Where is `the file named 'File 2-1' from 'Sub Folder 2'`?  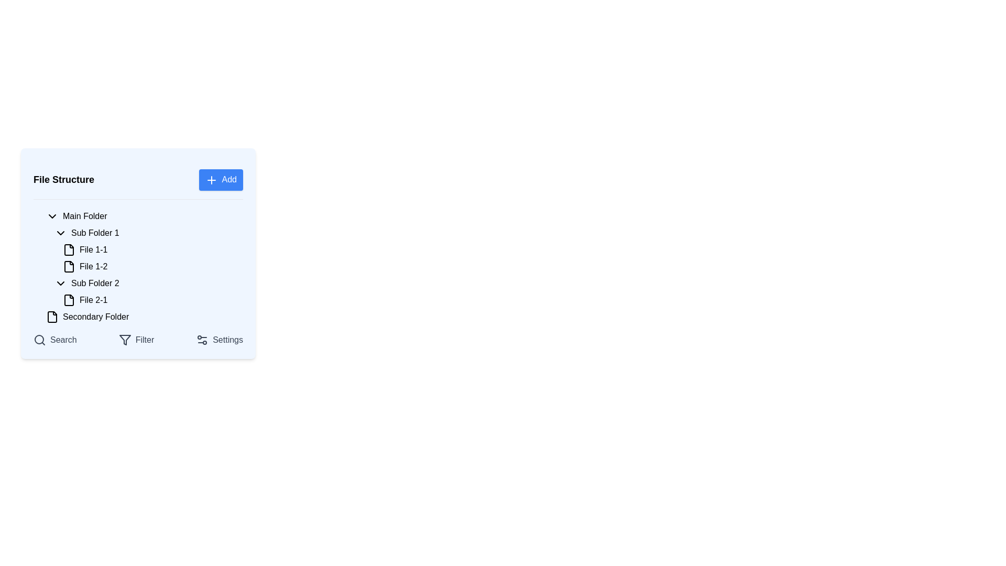 the file named 'File 2-1' from 'Sub Folder 2' is located at coordinates (146, 291).